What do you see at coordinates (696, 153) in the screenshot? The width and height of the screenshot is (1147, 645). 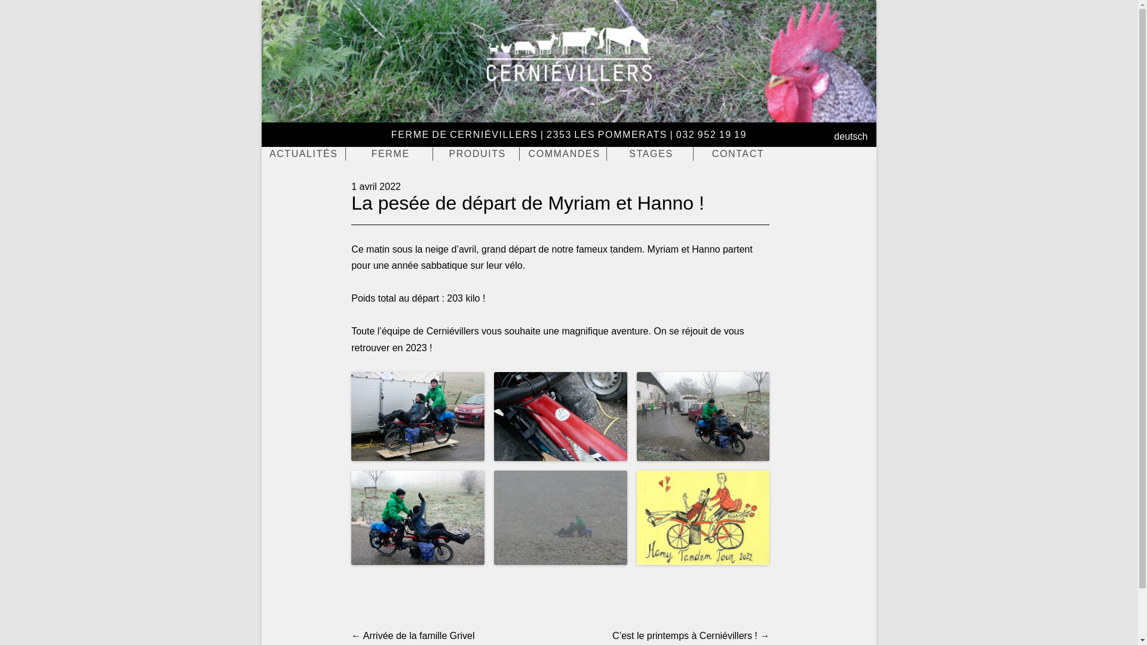 I see `'CONTACT'` at bounding box center [696, 153].